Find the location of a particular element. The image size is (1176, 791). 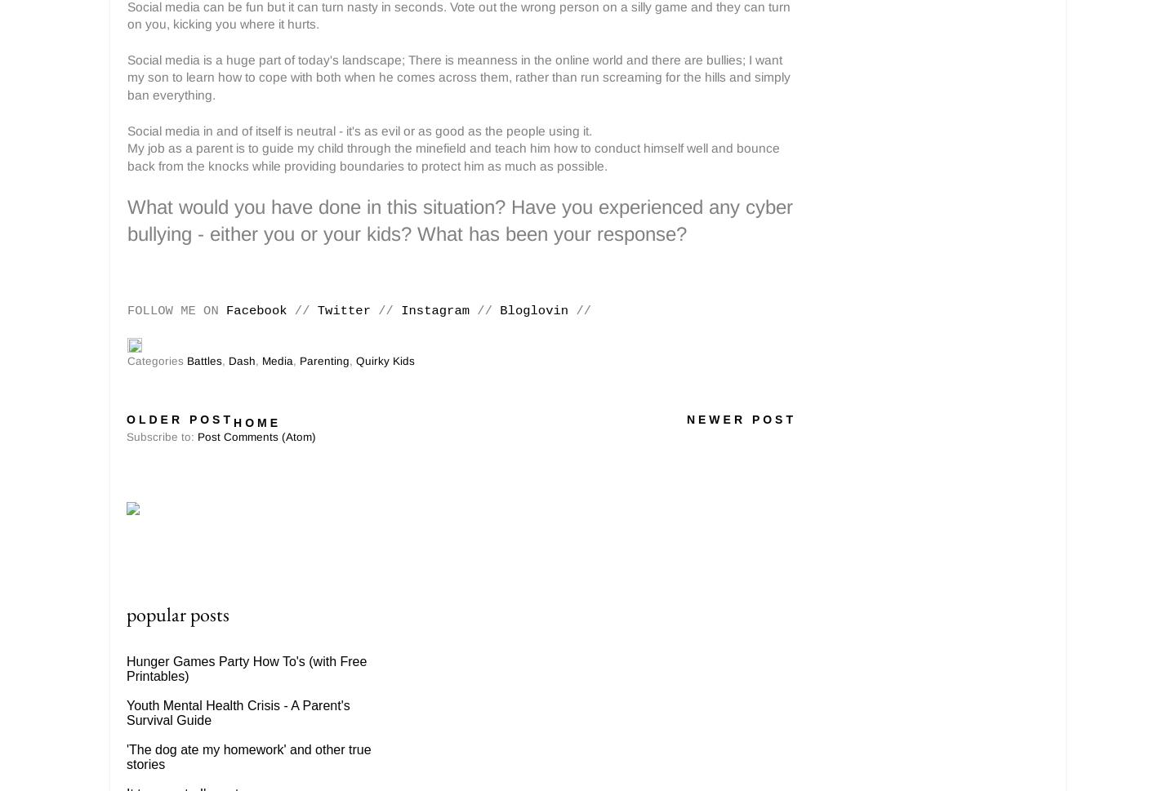

'popular posts' is located at coordinates (125, 613).